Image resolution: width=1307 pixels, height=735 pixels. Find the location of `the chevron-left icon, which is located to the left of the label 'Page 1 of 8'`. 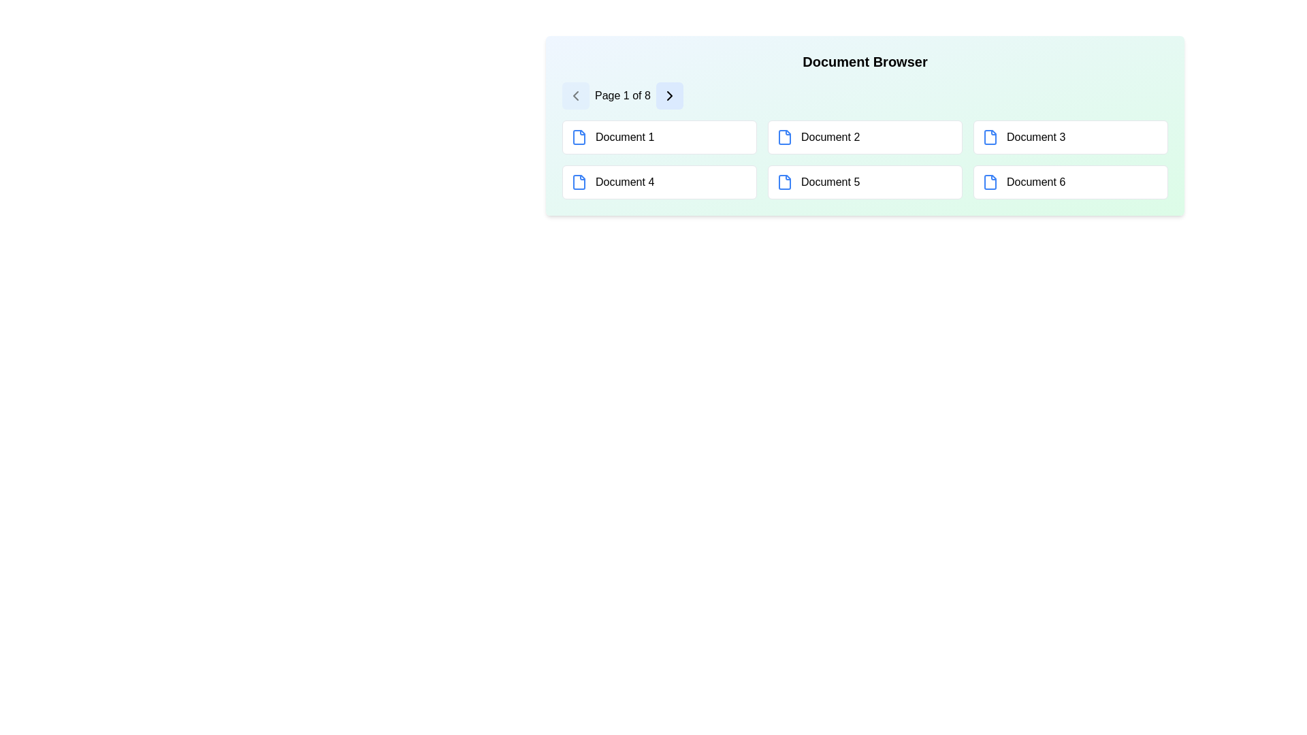

the chevron-left icon, which is located to the left of the label 'Page 1 of 8' is located at coordinates (575, 95).